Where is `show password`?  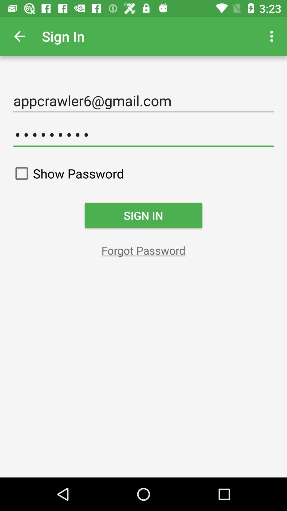 show password is located at coordinates (67, 173).